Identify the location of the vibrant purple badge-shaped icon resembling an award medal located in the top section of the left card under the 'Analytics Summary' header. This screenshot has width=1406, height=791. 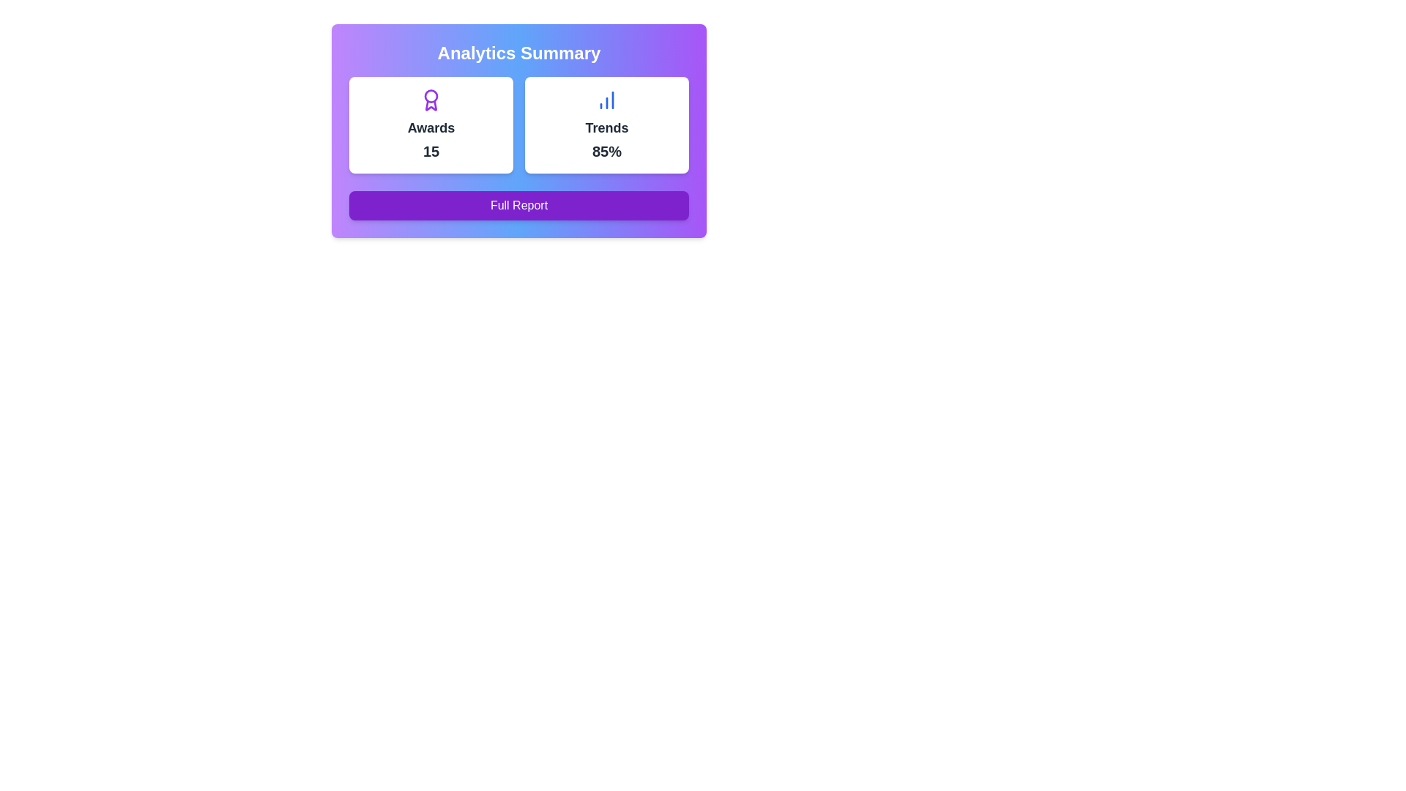
(431, 100).